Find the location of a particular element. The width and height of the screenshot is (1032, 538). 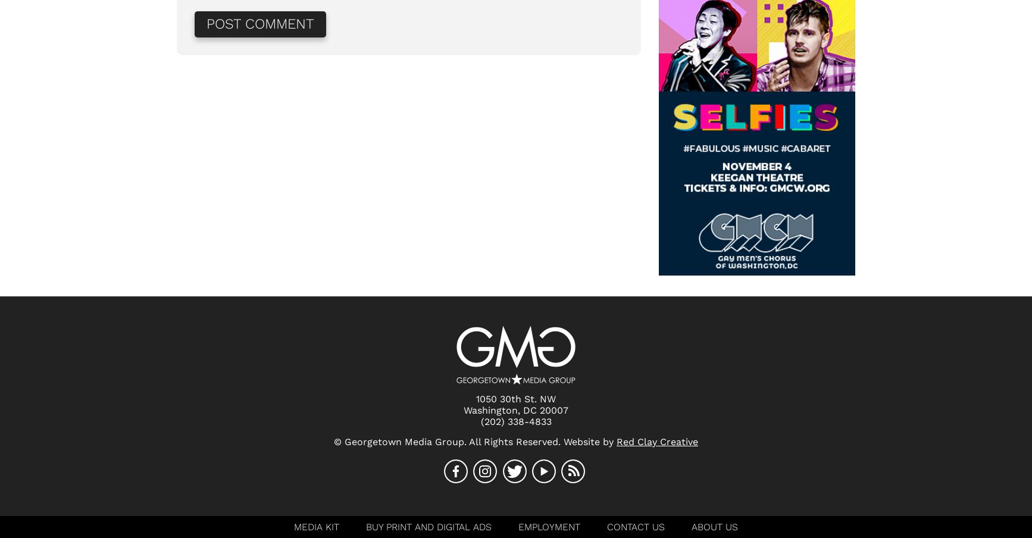

'Red Clay Creative' is located at coordinates (657, 441).